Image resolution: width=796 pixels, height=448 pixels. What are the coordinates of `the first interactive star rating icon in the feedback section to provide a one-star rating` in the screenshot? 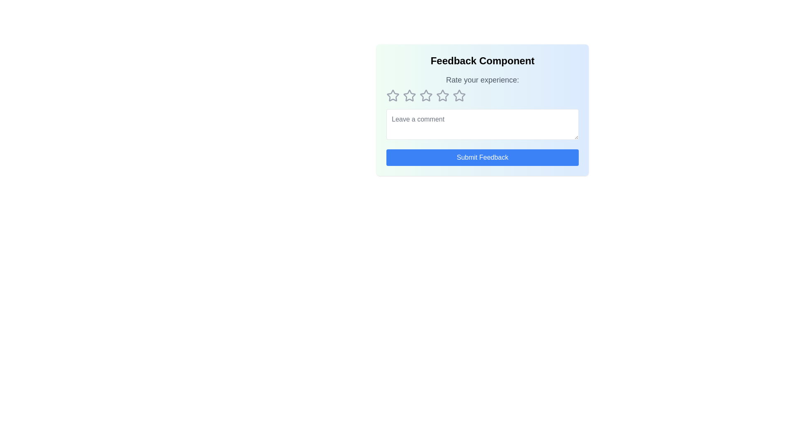 It's located at (393, 95).